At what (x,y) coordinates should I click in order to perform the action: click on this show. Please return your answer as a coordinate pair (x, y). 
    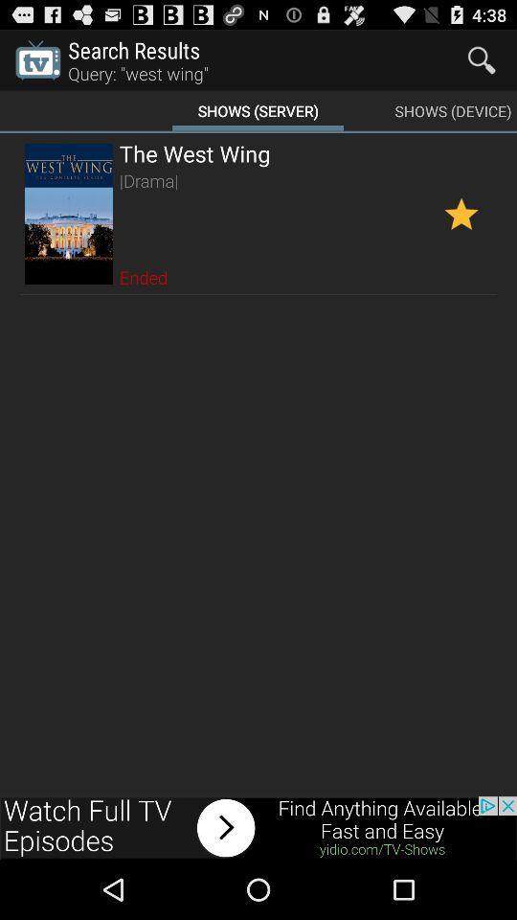
    Looking at the image, I should click on (461, 214).